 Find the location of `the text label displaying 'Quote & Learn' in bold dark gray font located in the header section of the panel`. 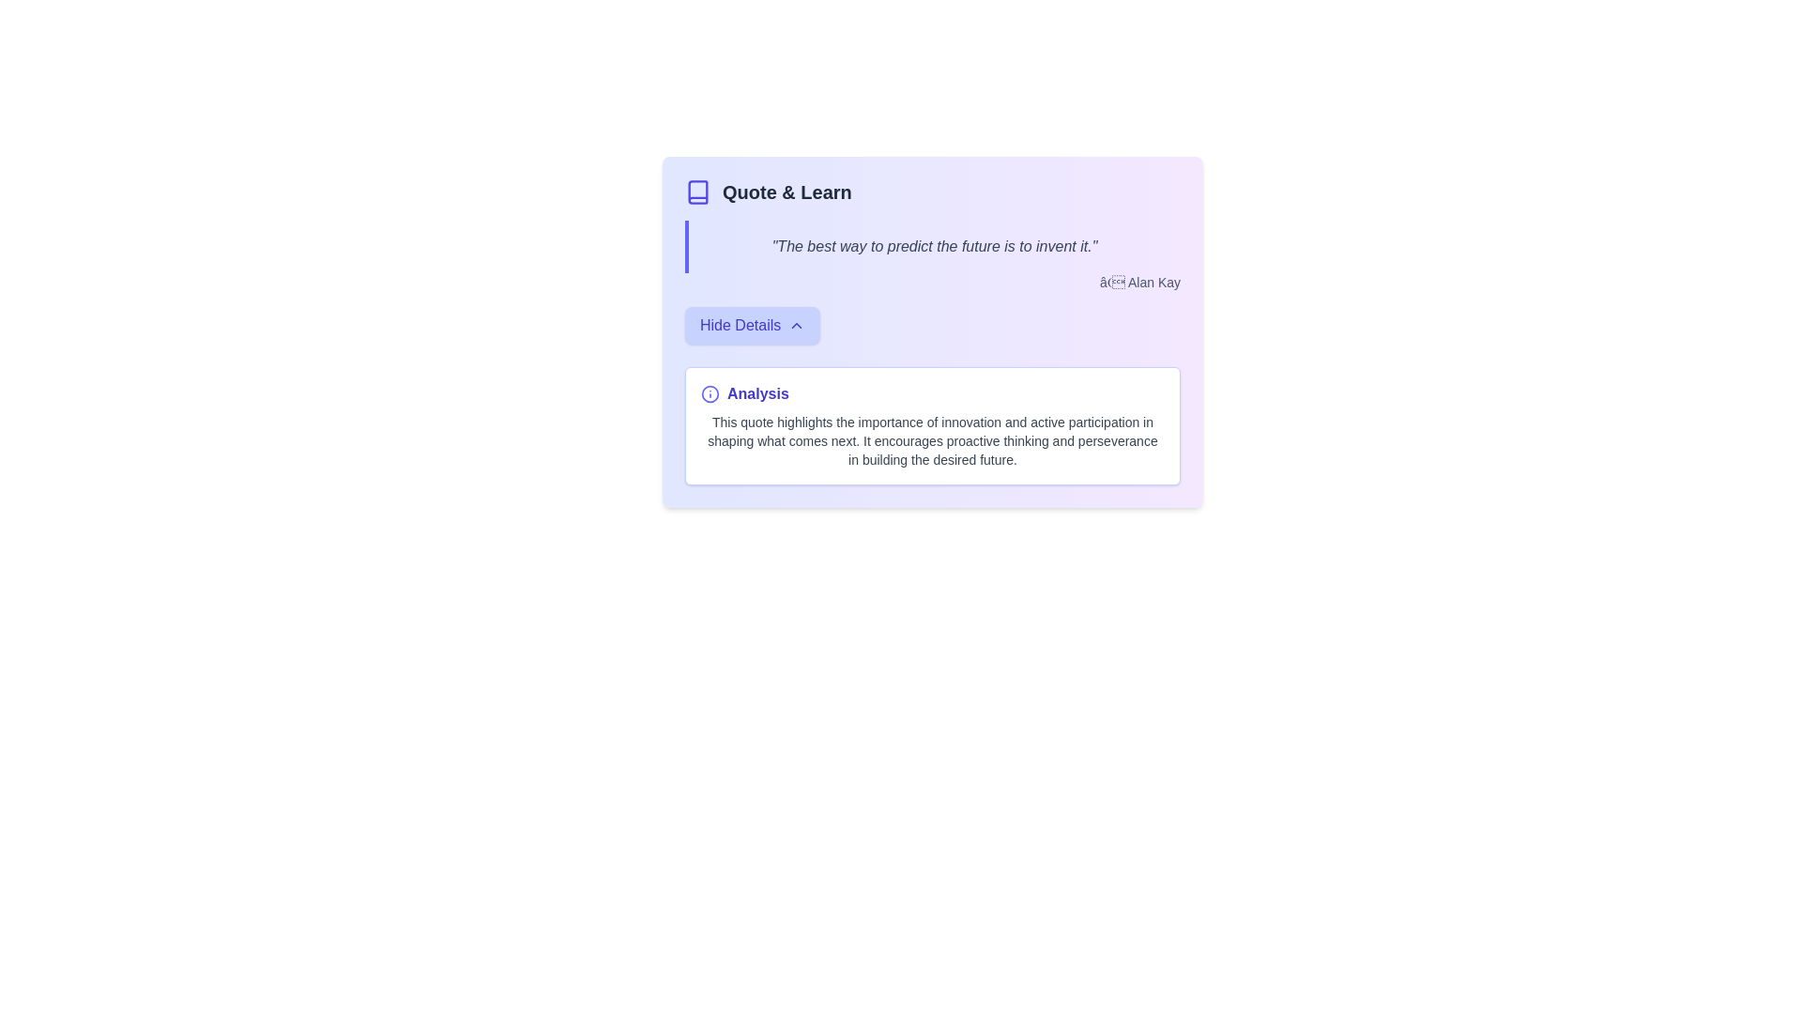

the text label displaying 'Quote & Learn' in bold dark gray font located in the header section of the panel is located at coordinates (786, 192).